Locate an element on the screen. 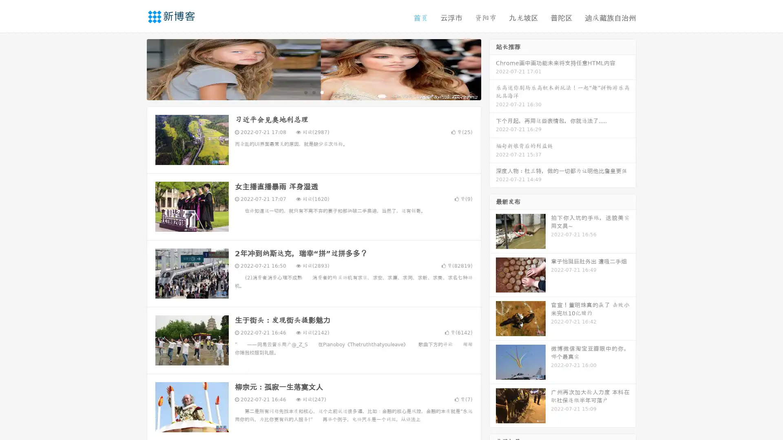  Go to slide 1 is located at coordinates (305, 92).